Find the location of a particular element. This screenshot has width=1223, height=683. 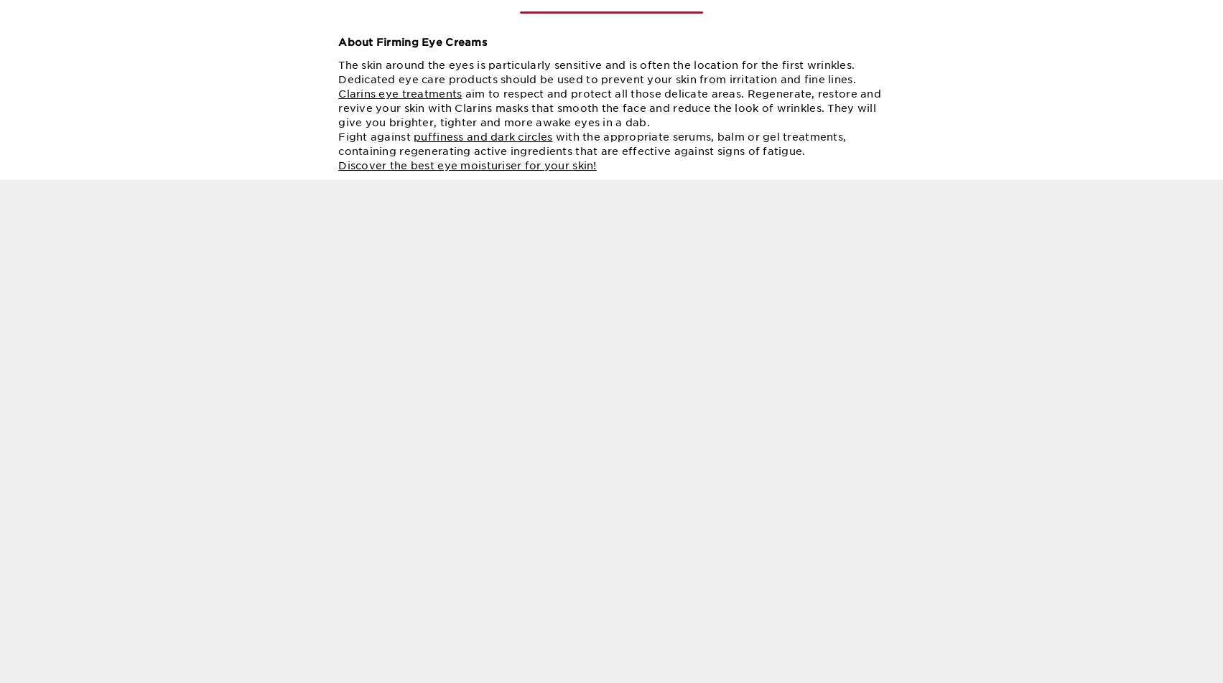

'You have viewed 17 of 17 products' is located at coordinates (519, 11).